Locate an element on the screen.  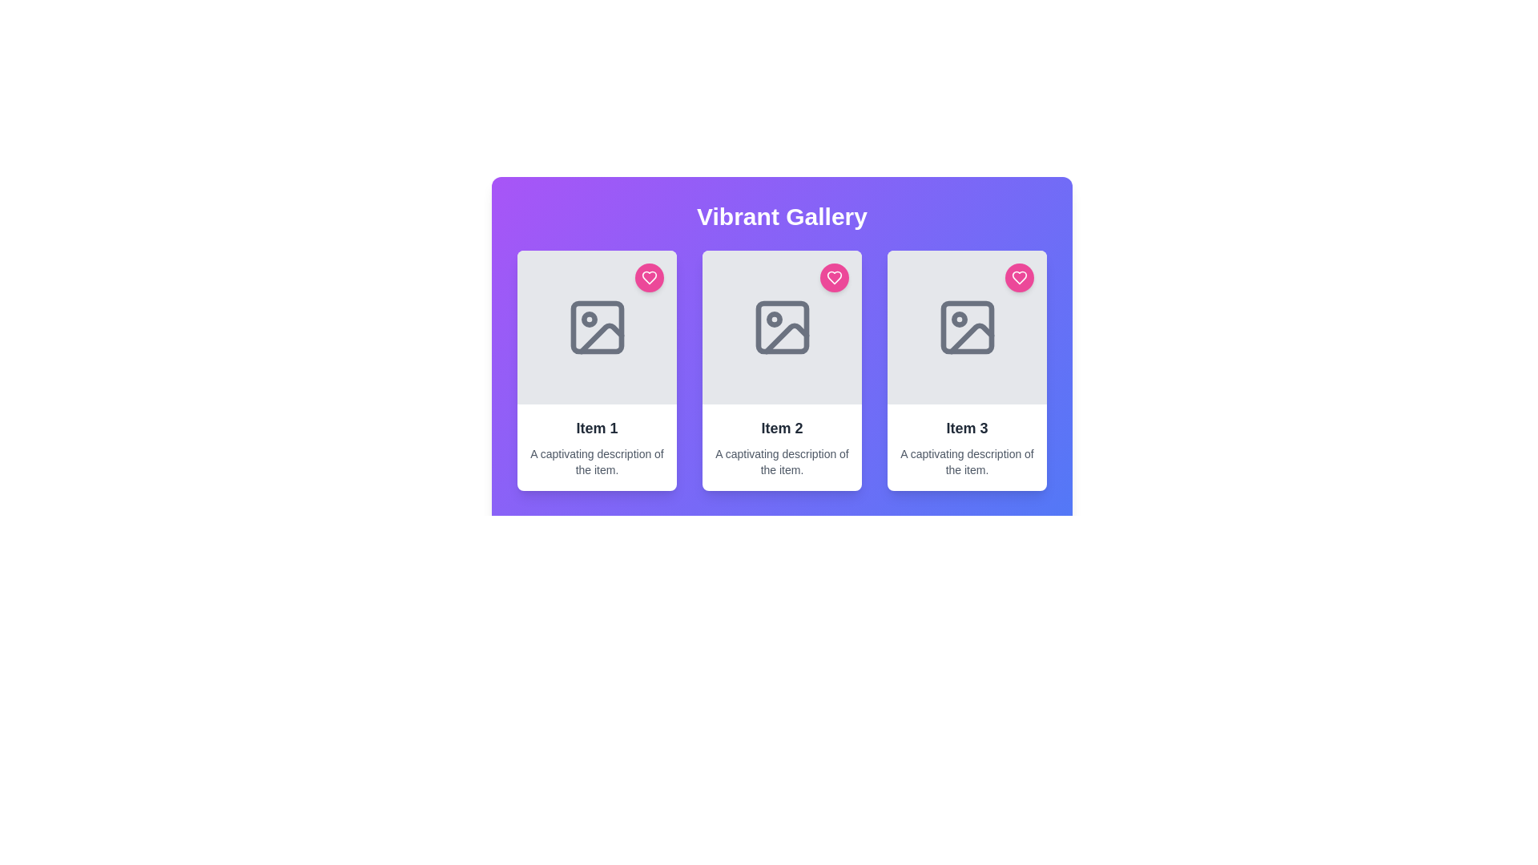
item details from the second card in the 'Vibrant Gallery' section, which contains a heart button for marking as a favorite is located at coordinates (782, 370).